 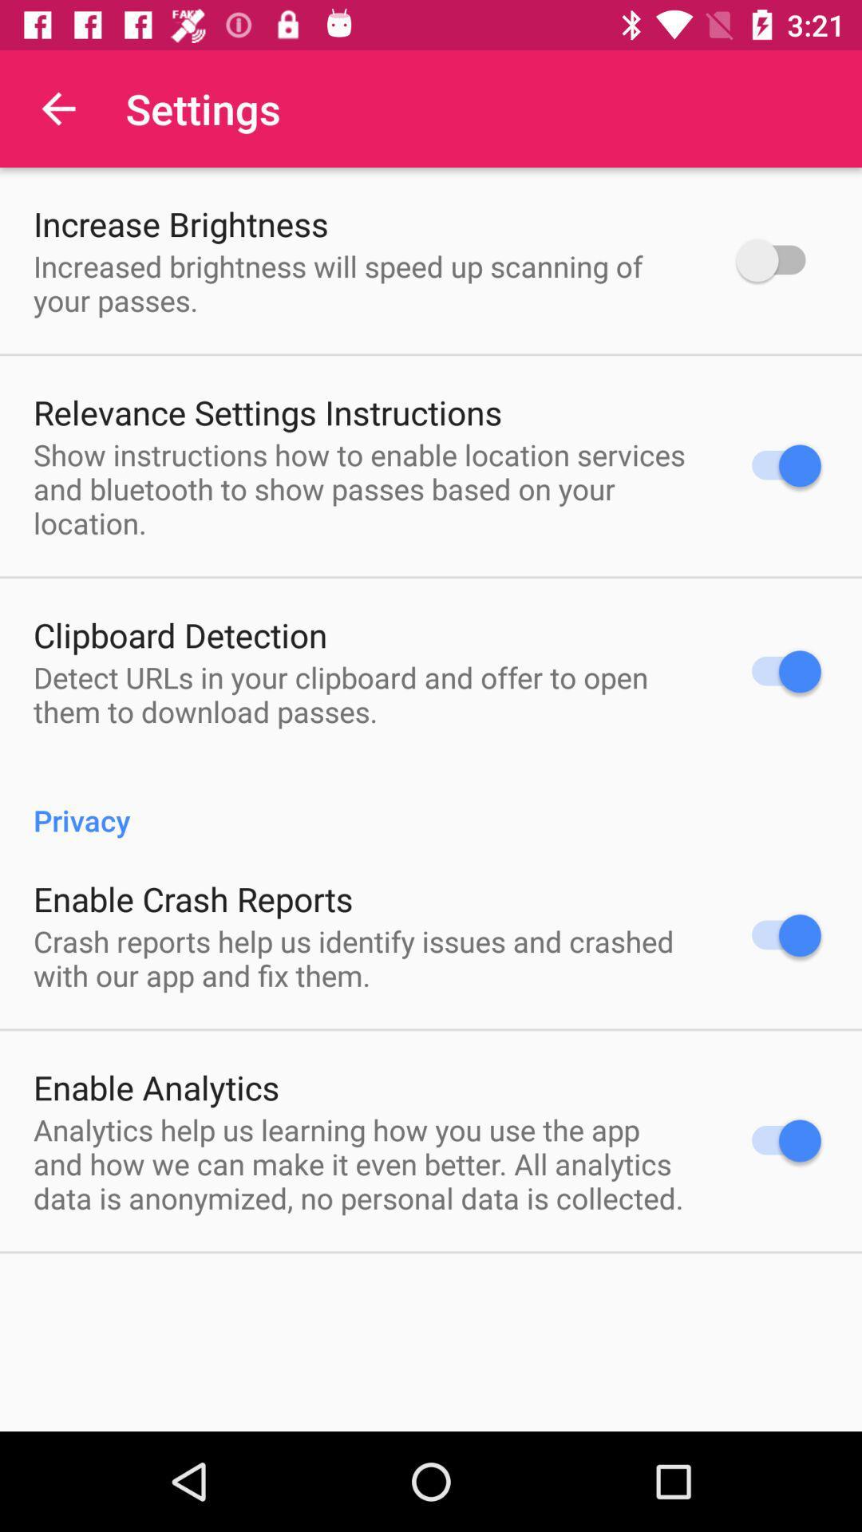 What do you see at coordinates (267, 412) in the screenshot?
I see `the icon above the show instructions how item` at bounding box center [267, 412].